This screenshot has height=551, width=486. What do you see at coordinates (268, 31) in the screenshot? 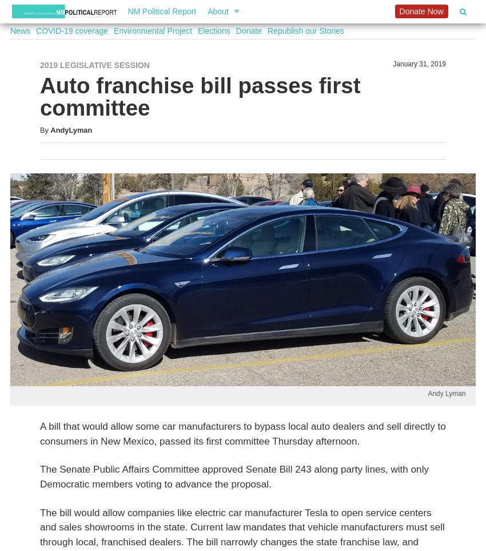
I see `'Republish our Stories'` at bounding box center [268, 31].